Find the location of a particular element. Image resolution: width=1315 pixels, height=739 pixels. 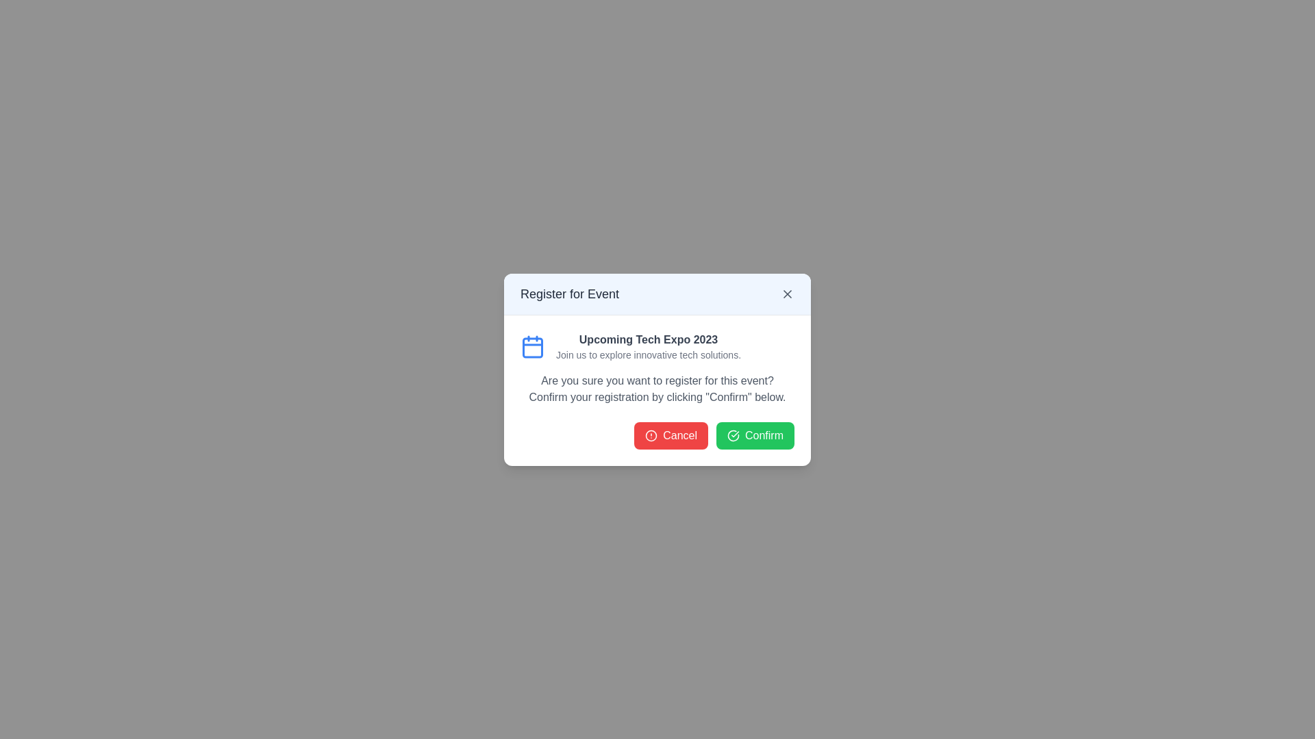

the iconic circular element of the SVG graphic that is part of the alert symbol, located to the left of the text content in the confirmation dialog box for event registration is located at coordinates (651, 435).